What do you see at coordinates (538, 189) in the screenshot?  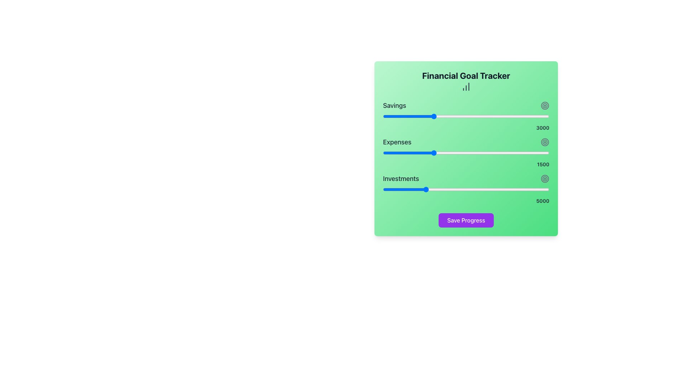 I see `the 'Investments' slider` at bounding box center [538, 189].